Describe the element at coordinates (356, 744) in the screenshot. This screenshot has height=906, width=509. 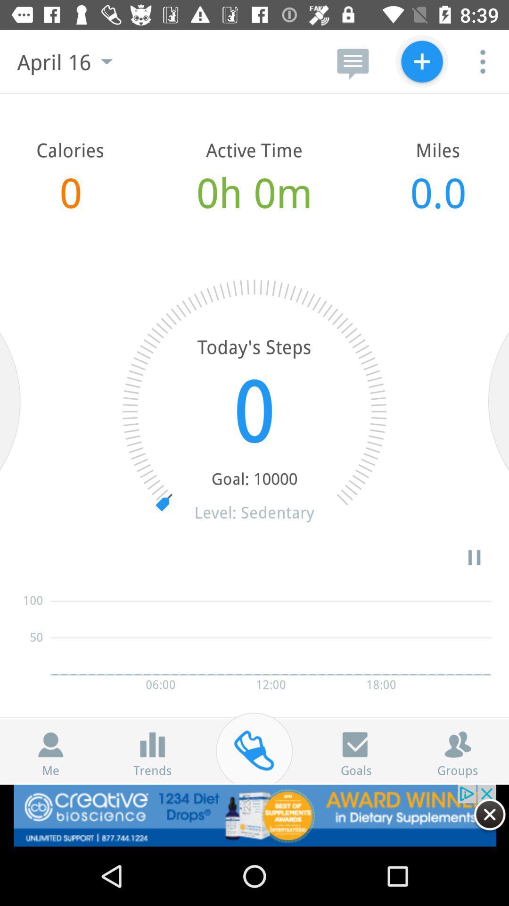
I see `the check icon` at that location.